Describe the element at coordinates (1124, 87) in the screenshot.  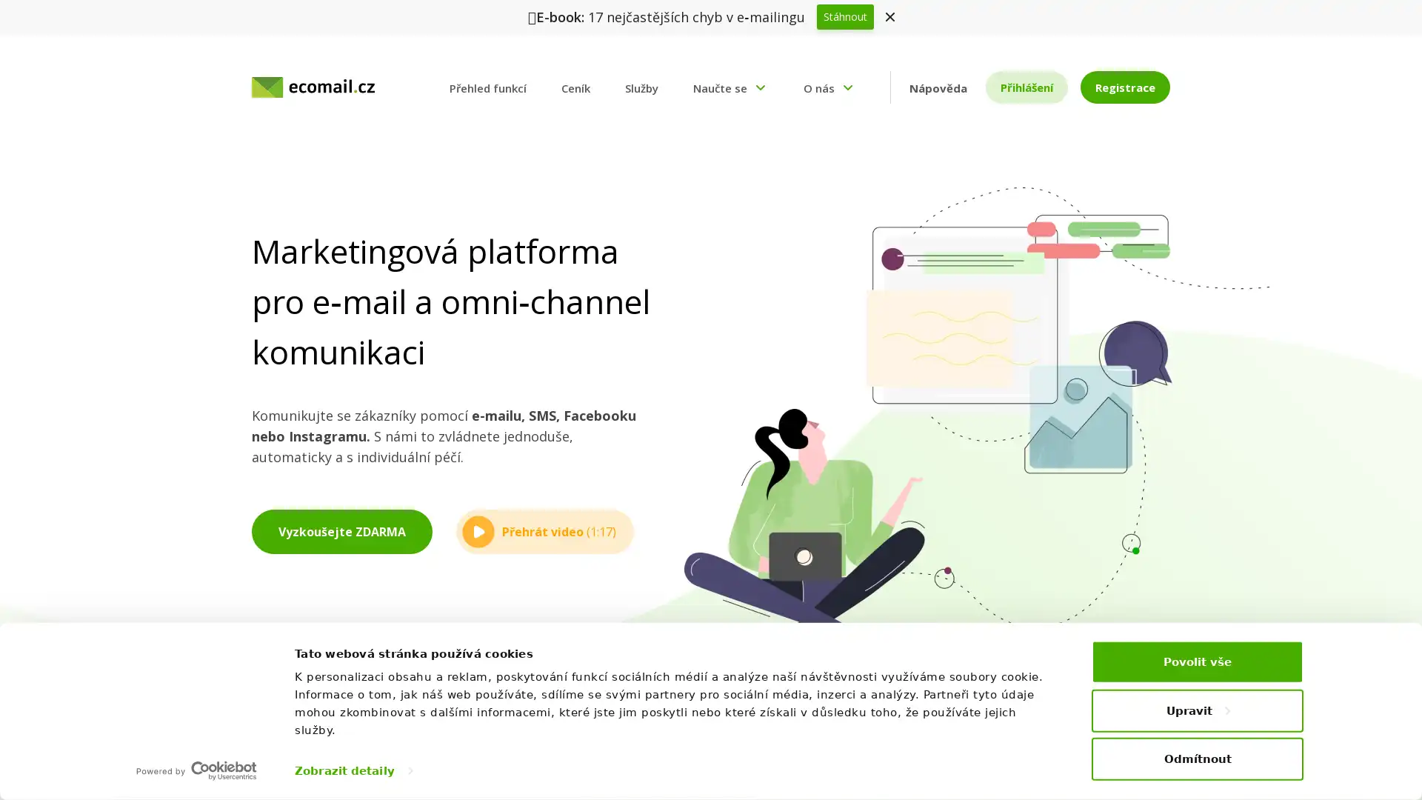
I see `Registrace` at that location.